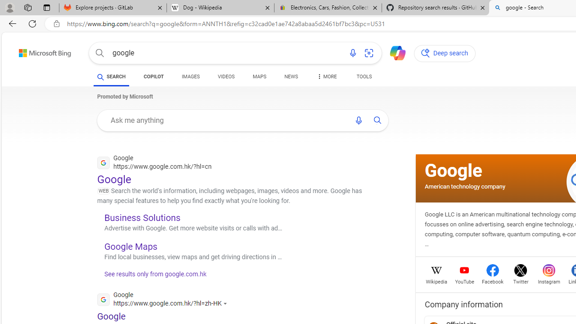  I want to click on 'American technology company', so click(465, 185).